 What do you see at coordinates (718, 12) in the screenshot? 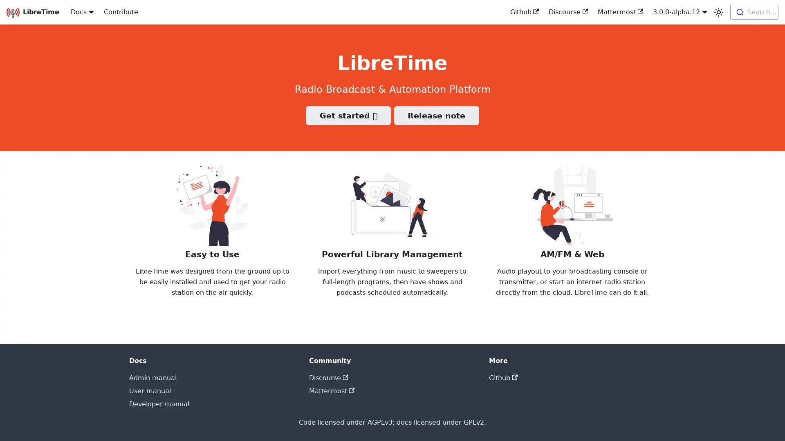
I see `Switch between dark and light mode (currently light mode)` at bounding box center [718, 12].